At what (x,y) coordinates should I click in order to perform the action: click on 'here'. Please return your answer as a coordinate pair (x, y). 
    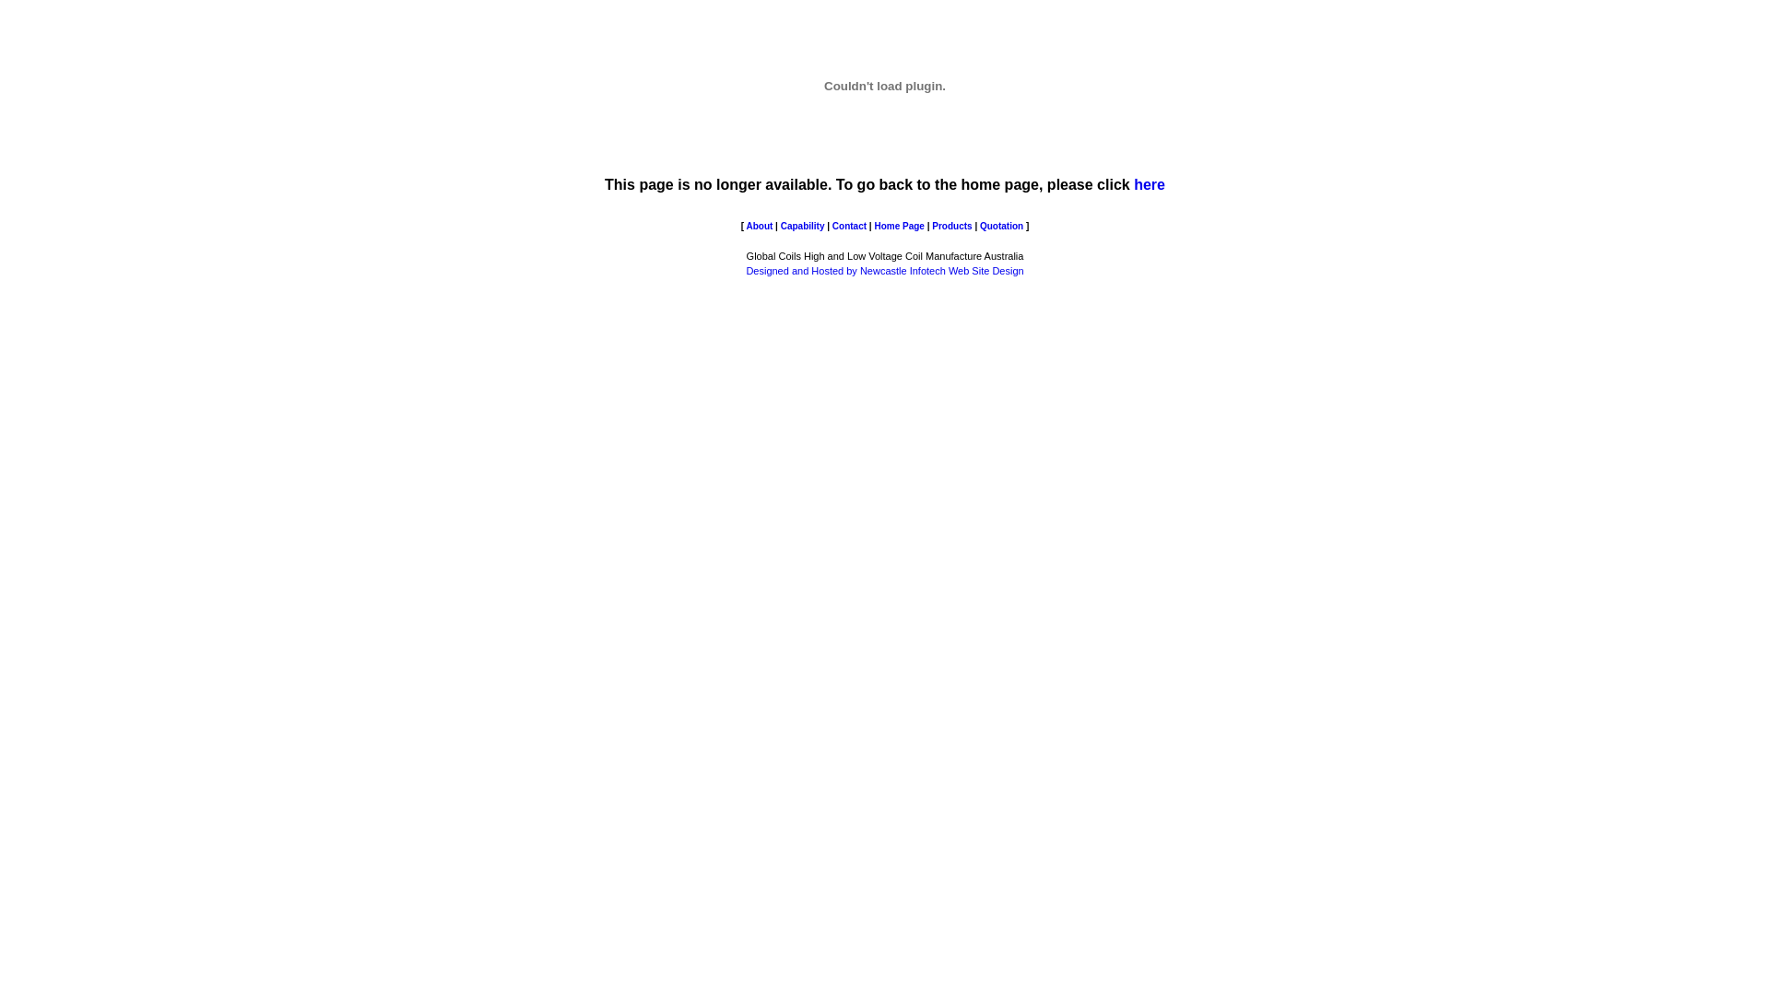
    Looking at the image, I should click on (1149, 184).